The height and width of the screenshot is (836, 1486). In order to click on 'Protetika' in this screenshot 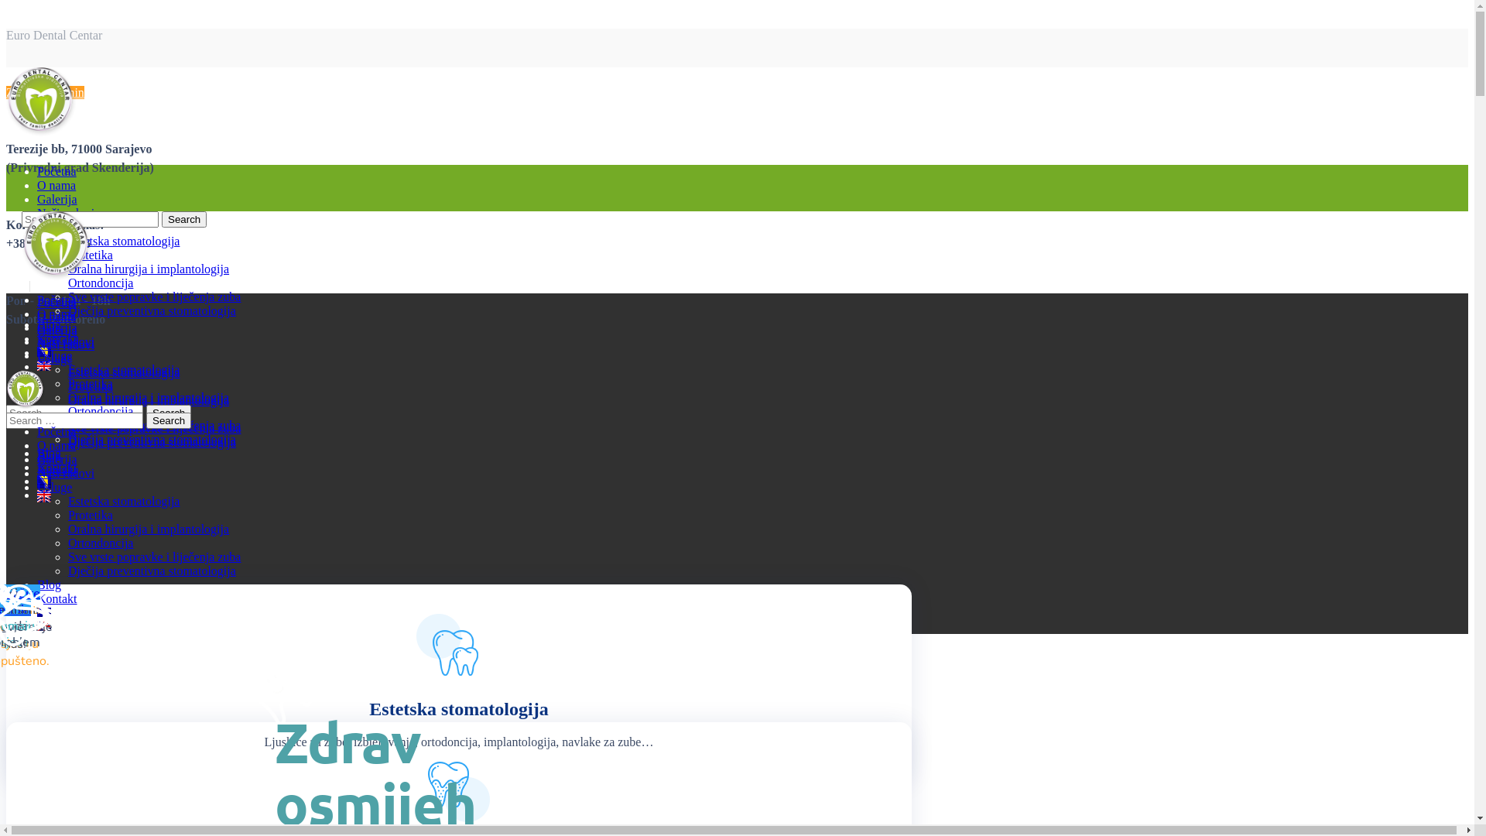, I will do `click(89, 385)`.